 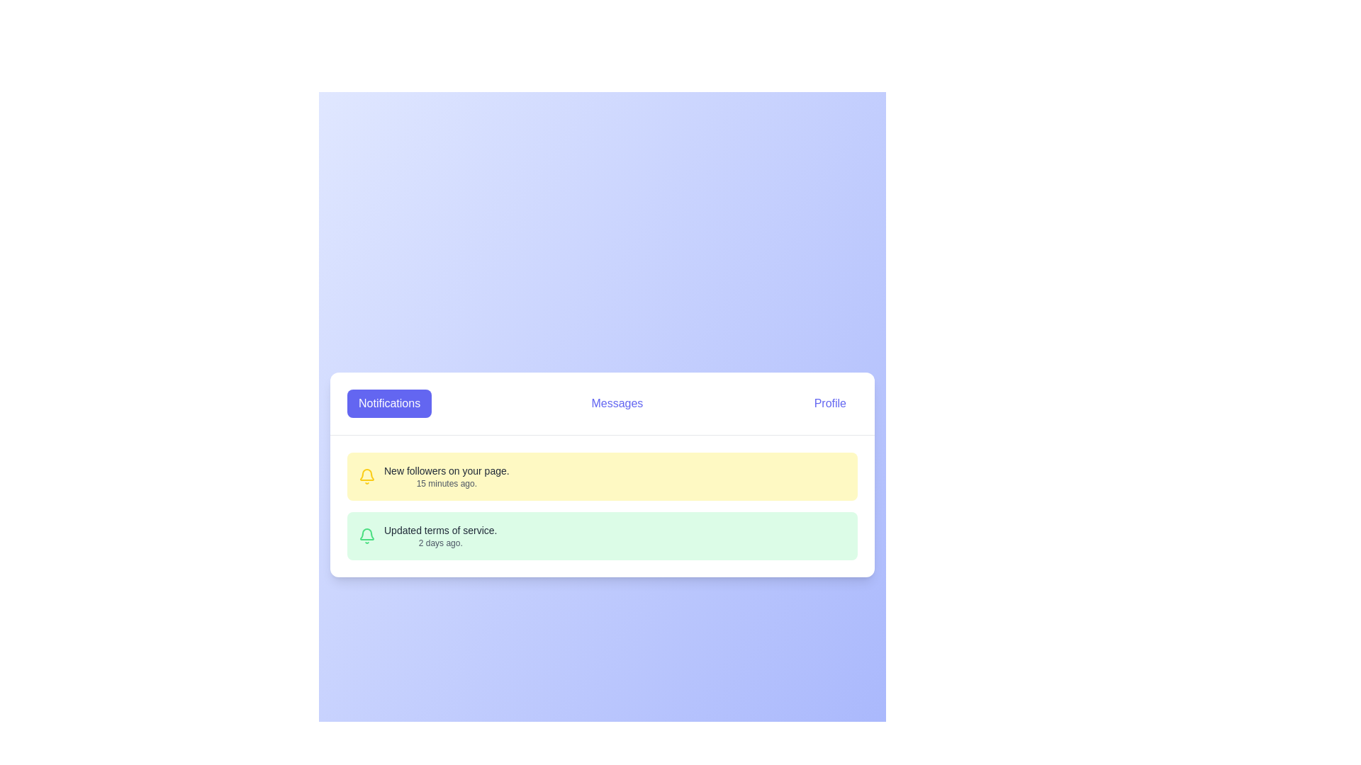 What do you see at coordinates (602, 535) in the screenshot?
I see `the timestamp on the Notification card that informs about updated terms of service, located in the lower half of the notifications section as the second item from the top` at bounding box center [602, 535].